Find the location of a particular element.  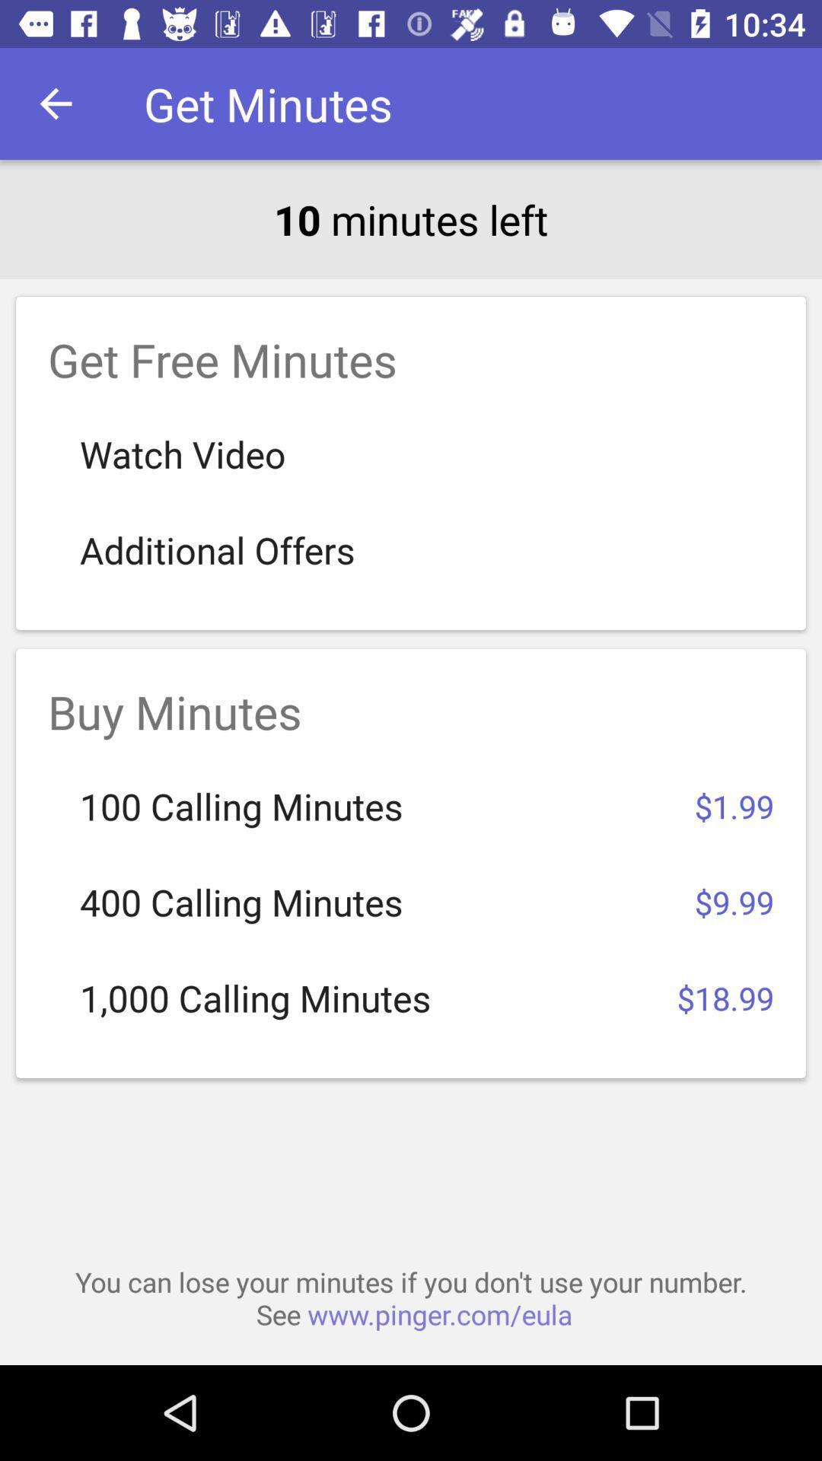

the icon below 1 000 calling icon is located at coordinates (411, 1297).